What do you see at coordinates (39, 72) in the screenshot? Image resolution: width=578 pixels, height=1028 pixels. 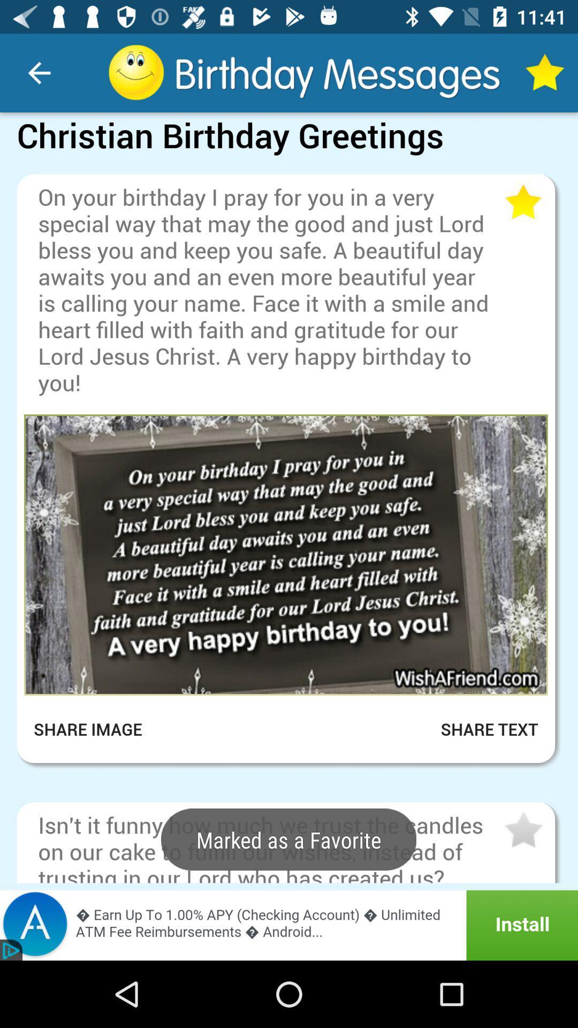 I see `the icon above christian birthday greetings` at bounding box center [39, 72].